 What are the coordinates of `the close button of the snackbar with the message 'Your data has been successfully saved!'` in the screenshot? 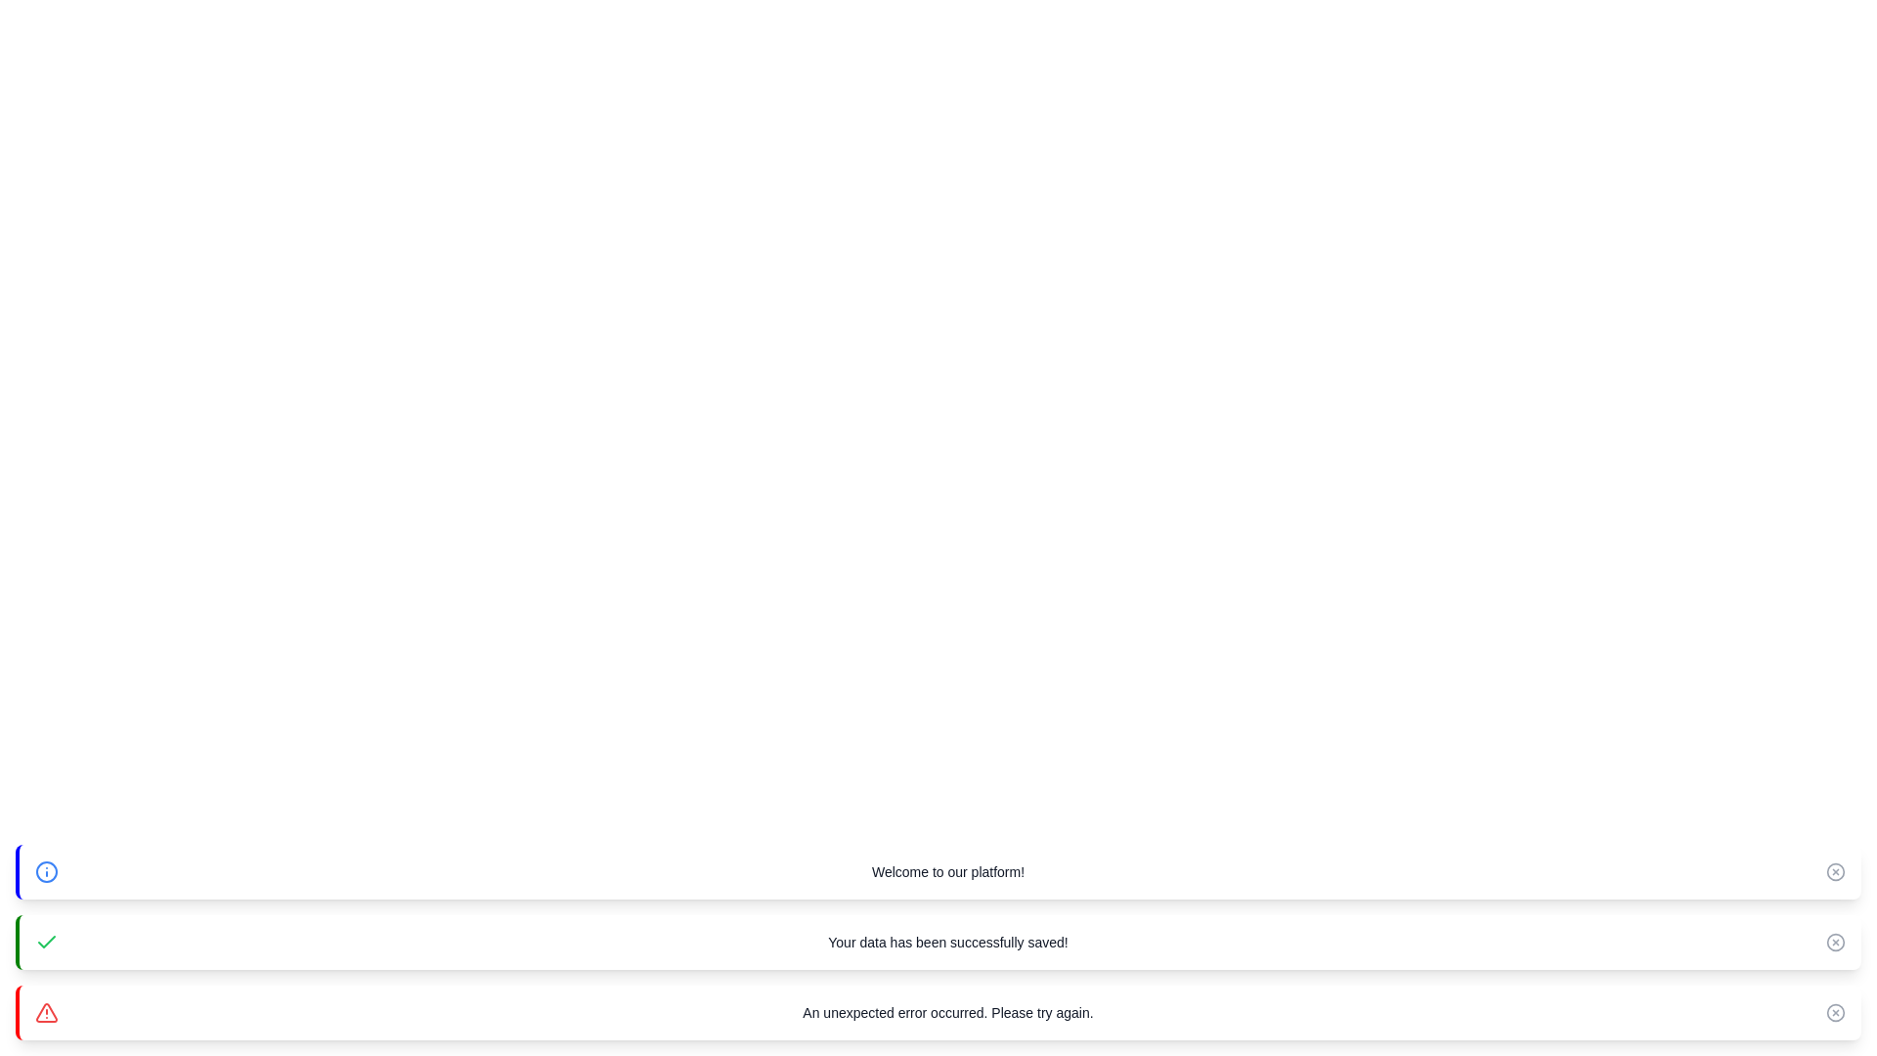 It's located at (1834, 942).